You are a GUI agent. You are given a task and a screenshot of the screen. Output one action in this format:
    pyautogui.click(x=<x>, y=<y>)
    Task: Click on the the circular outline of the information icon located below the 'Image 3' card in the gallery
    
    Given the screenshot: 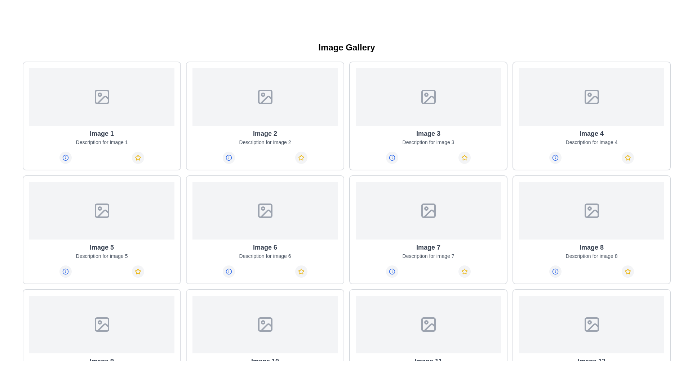 What is the action you would take?
    pyautogui.click(x=391, y=157)
    